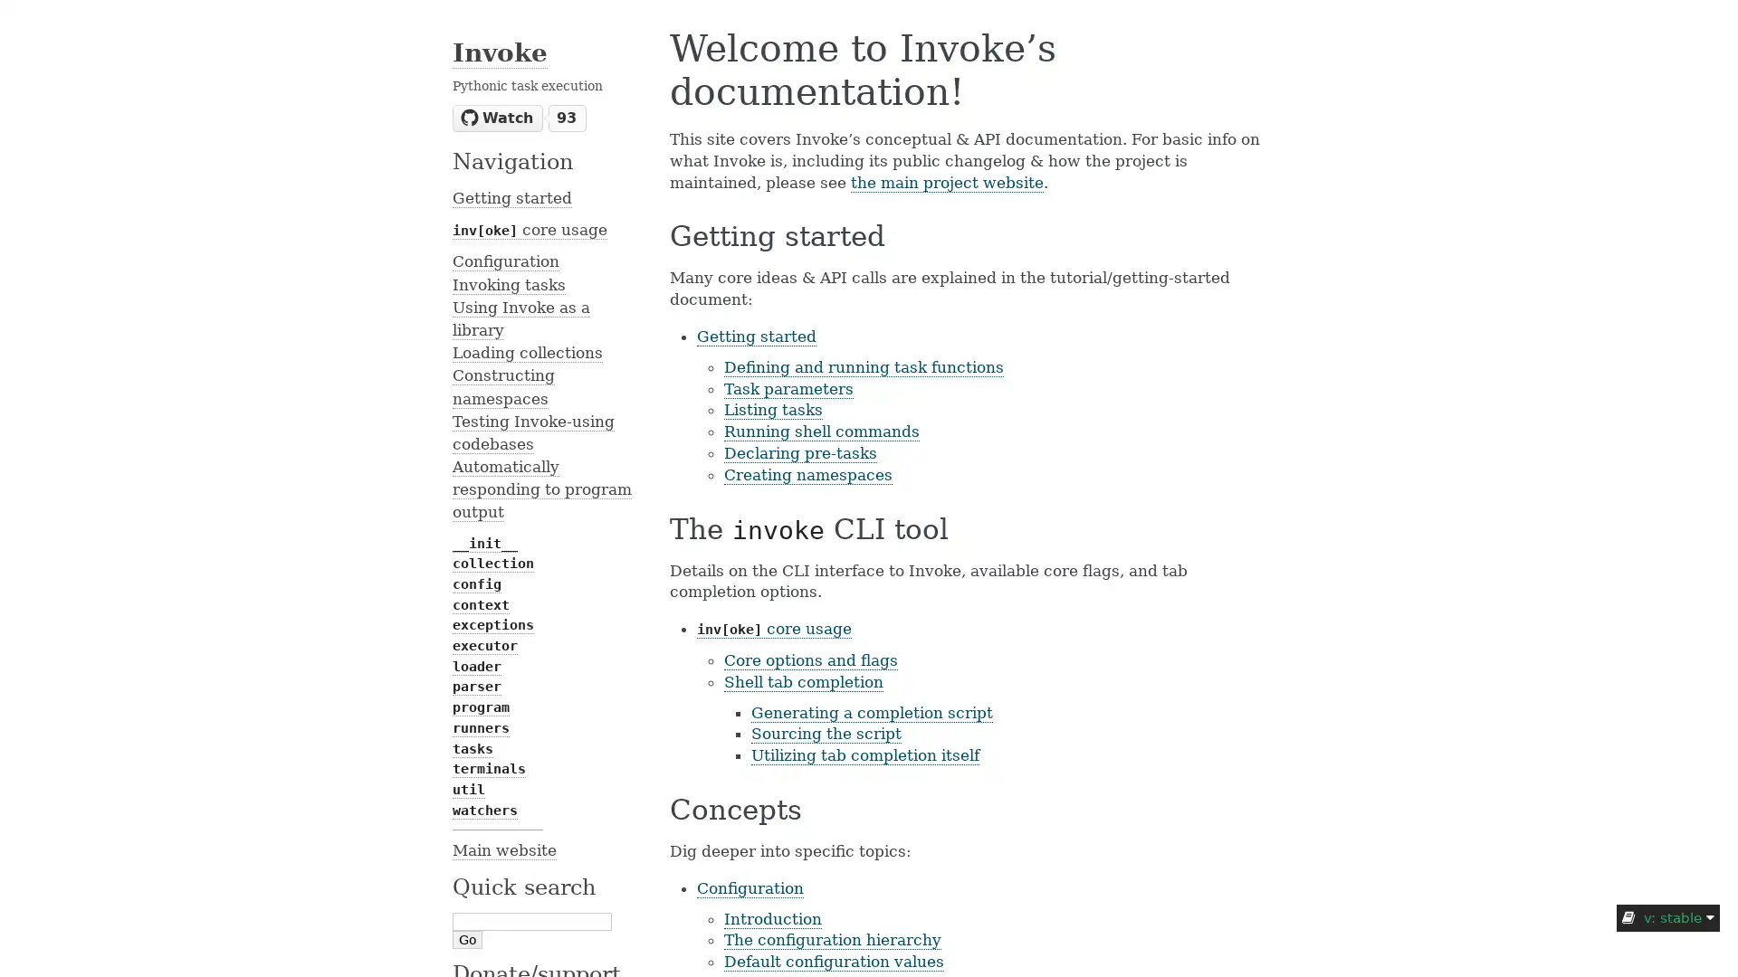 Image resolution: width=1738 pixels, height=977 pixels. I want to click on Go, so click(467, 938).